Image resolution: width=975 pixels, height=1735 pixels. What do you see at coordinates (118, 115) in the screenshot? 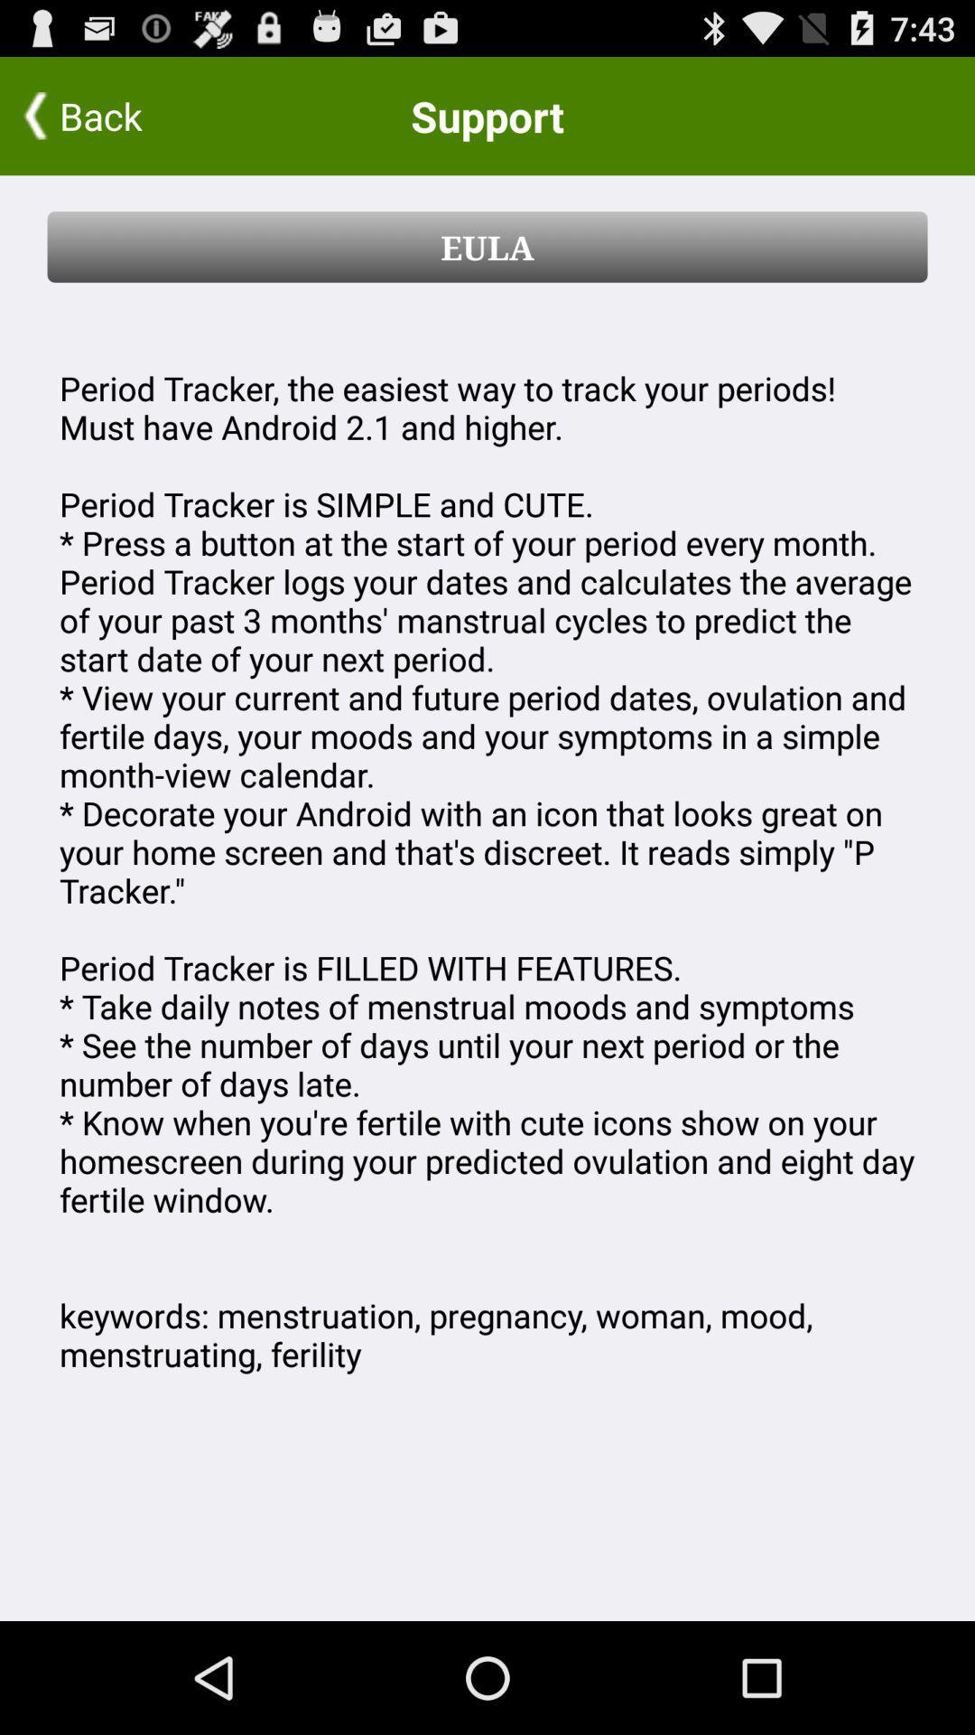
I see `the back button` at bounding box center [118, 115].